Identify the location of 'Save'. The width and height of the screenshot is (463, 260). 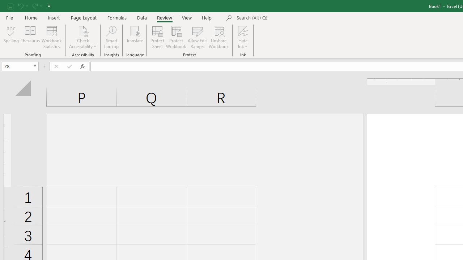
(10, 6).